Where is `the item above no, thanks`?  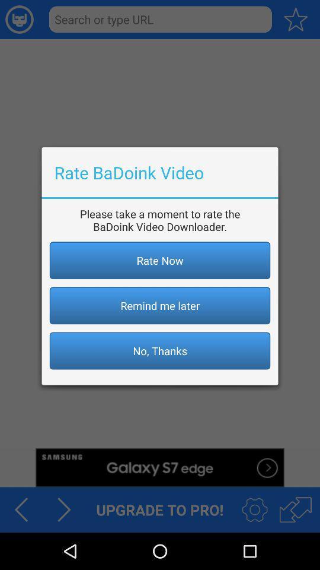 the item above no, thanks is located at coordinates (160, 305).